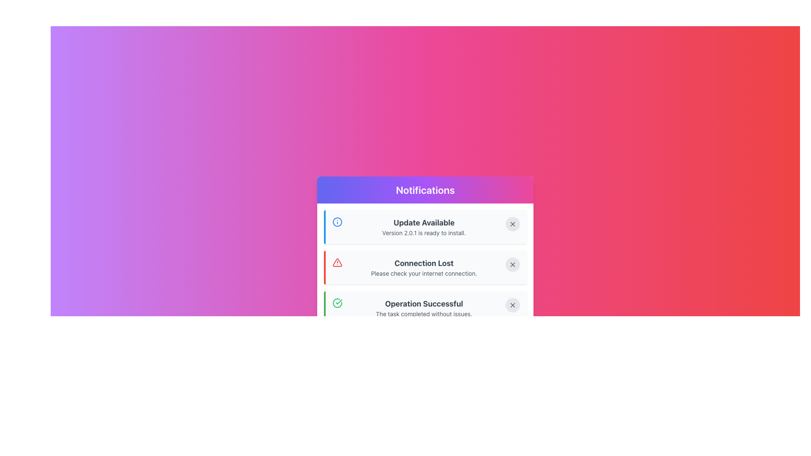  I want to click on title text of the notification indicating connection loss, which is centered within the second notification card in the modal, positioned between the 'Update Available' and 'Operation Successful' notifications, so click(424, 263).